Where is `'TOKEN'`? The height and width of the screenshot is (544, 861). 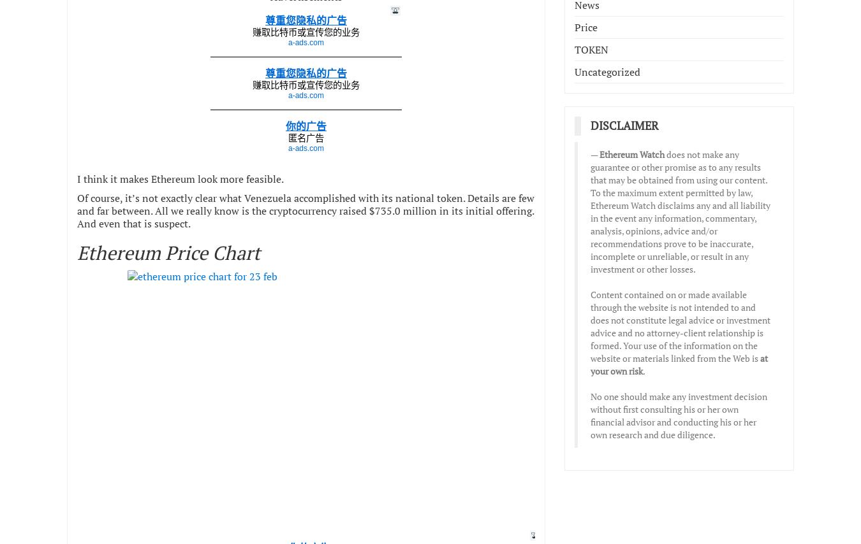 'TOKEN' is located at coordinates (591, 48).